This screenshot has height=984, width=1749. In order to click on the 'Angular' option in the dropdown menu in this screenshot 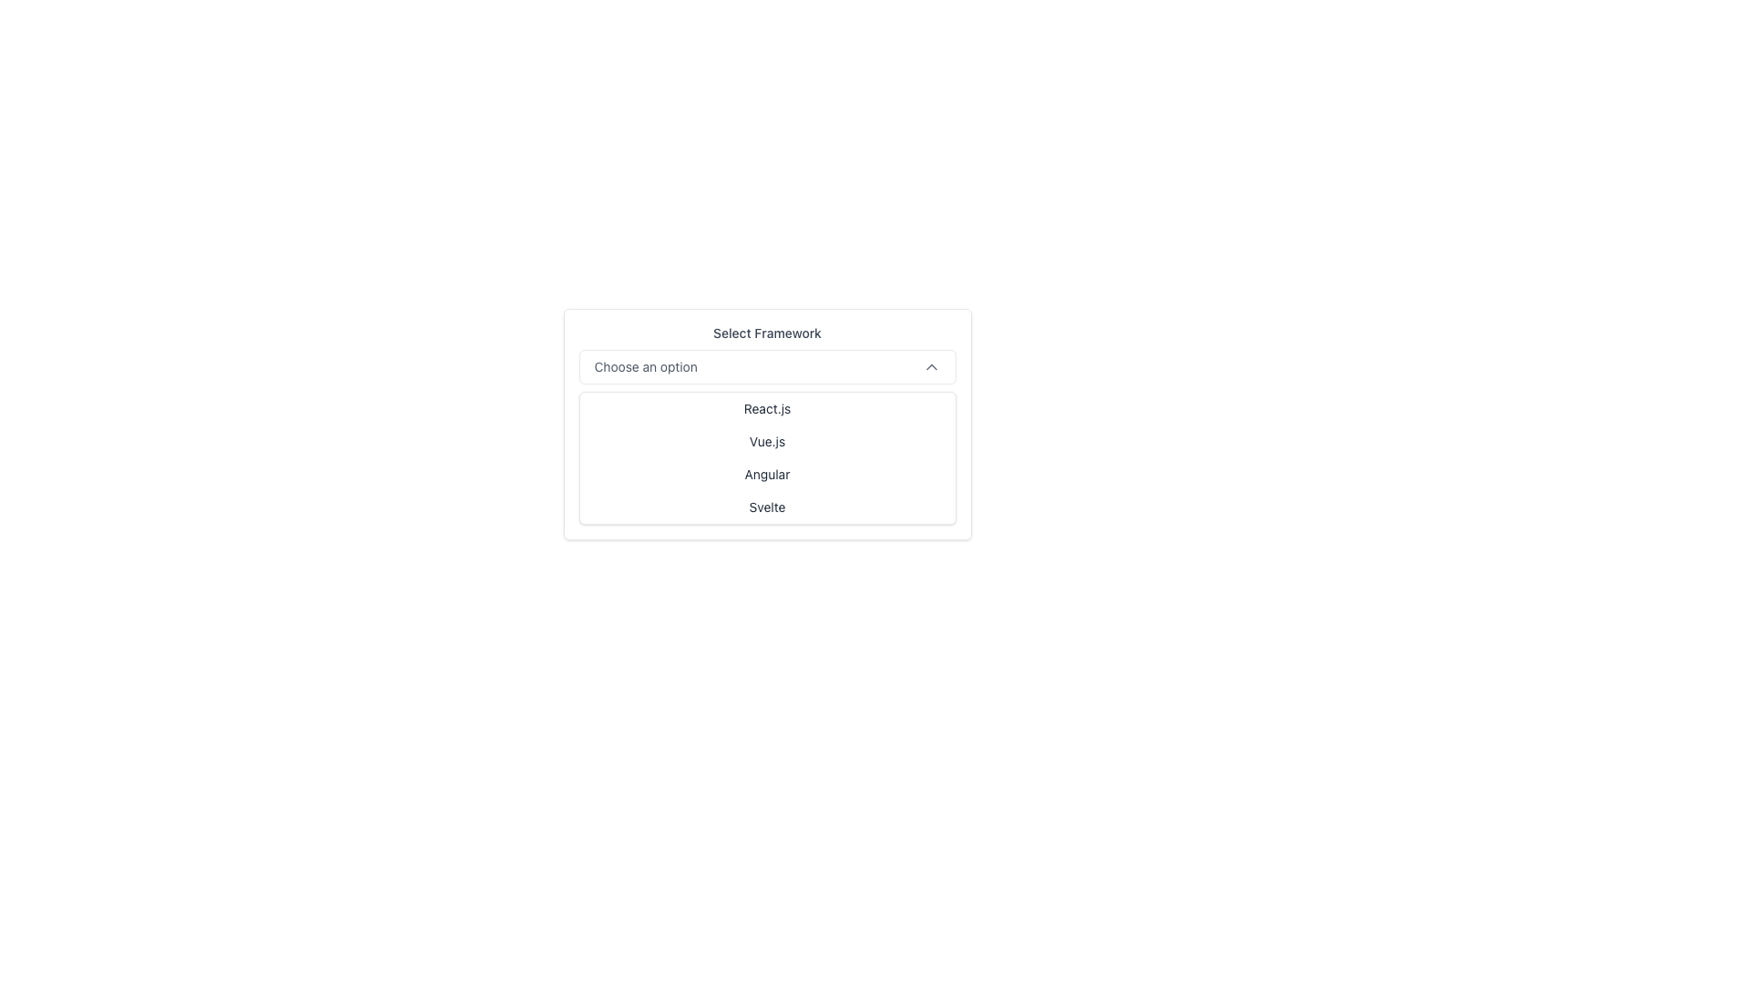, I will do `click(767, 473)`.